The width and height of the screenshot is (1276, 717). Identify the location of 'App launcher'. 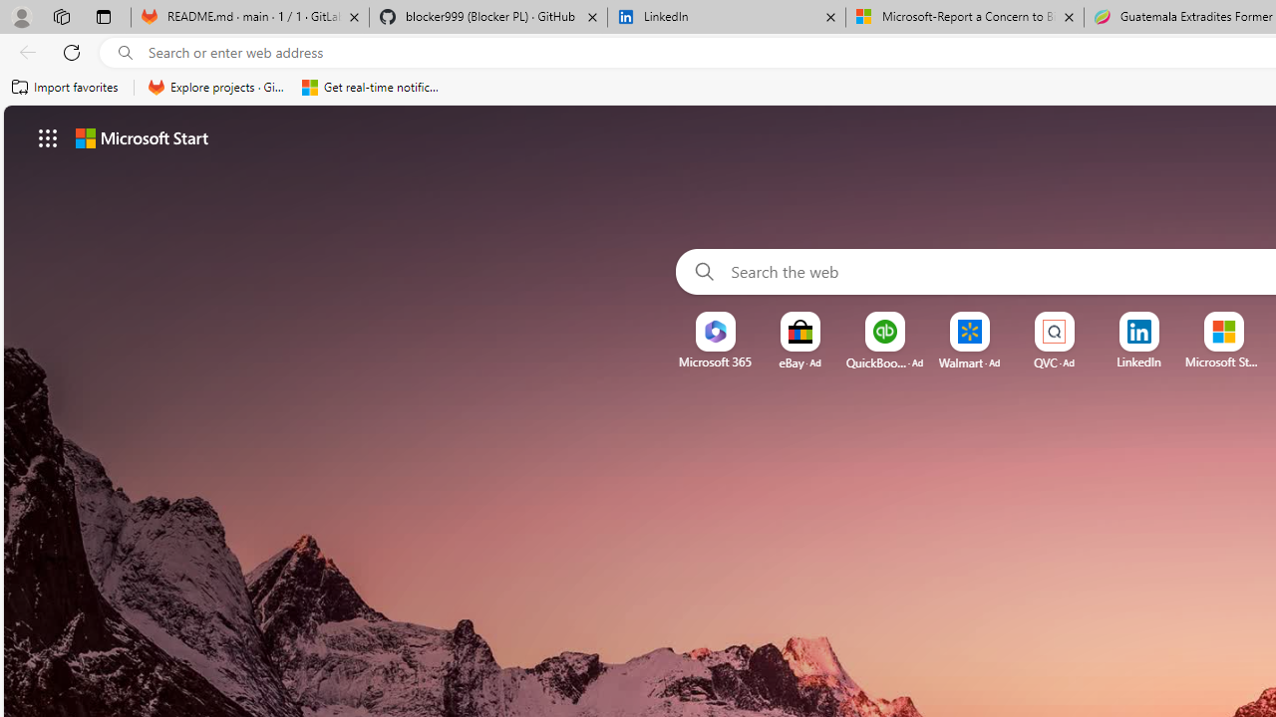
(48, 136).